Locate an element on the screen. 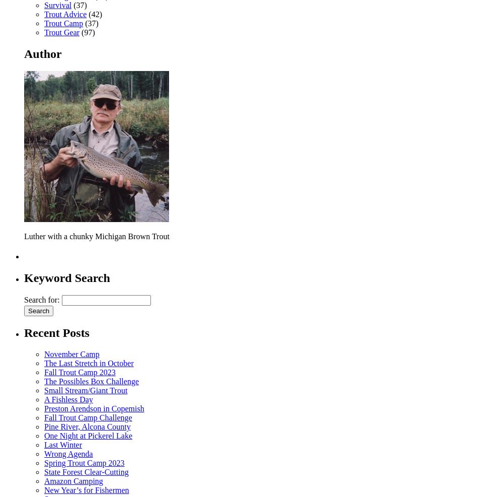  'Search for:' is located at coordinates (41, 299).